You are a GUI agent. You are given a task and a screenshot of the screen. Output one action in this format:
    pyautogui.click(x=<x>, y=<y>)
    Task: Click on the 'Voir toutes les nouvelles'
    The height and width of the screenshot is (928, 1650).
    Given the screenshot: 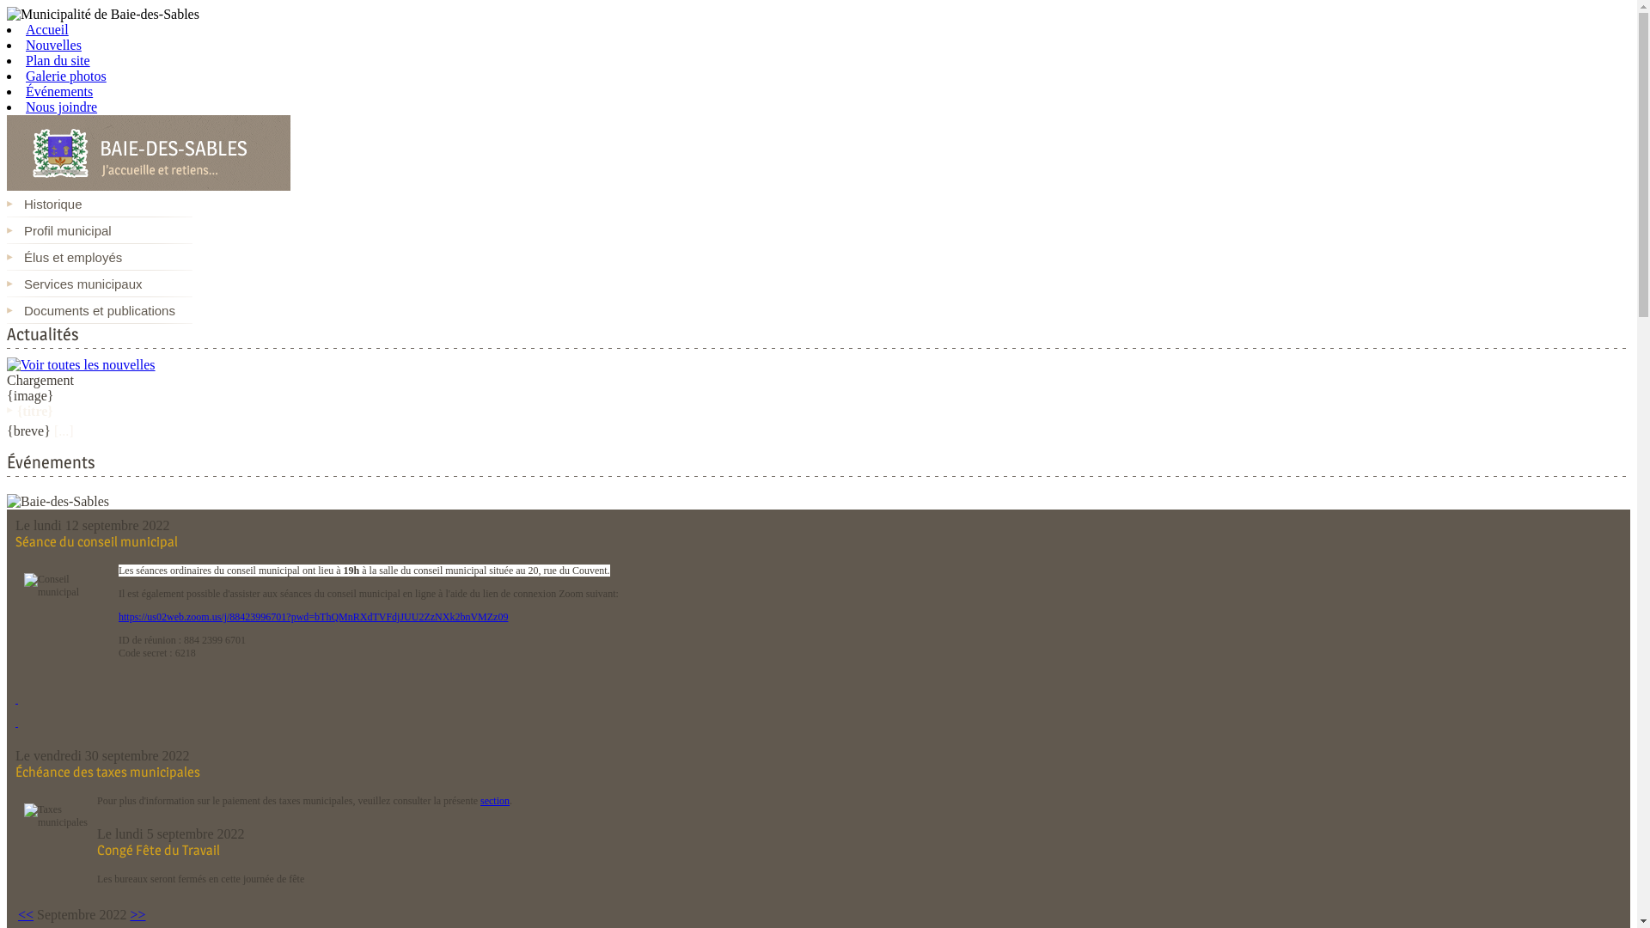 What is the action you would take?
    pyautogui.click(x=80, y=363)
    